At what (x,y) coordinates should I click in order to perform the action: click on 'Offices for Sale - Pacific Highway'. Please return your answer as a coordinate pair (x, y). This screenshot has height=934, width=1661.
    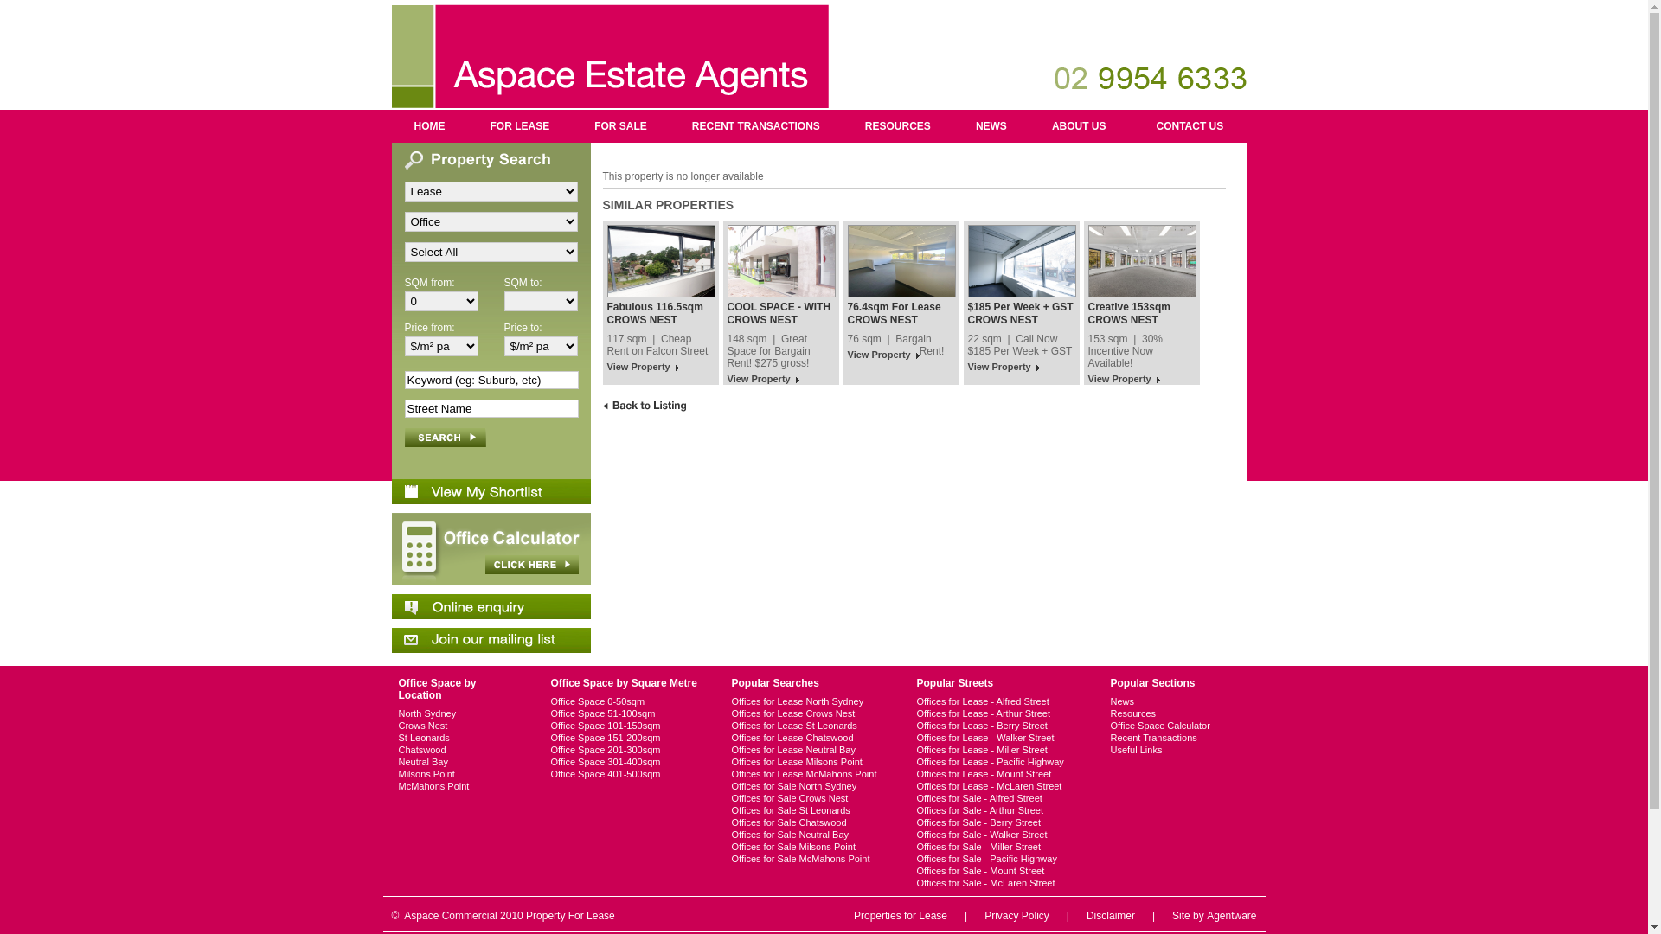
    Looking at the image, I should click on (999, 858).